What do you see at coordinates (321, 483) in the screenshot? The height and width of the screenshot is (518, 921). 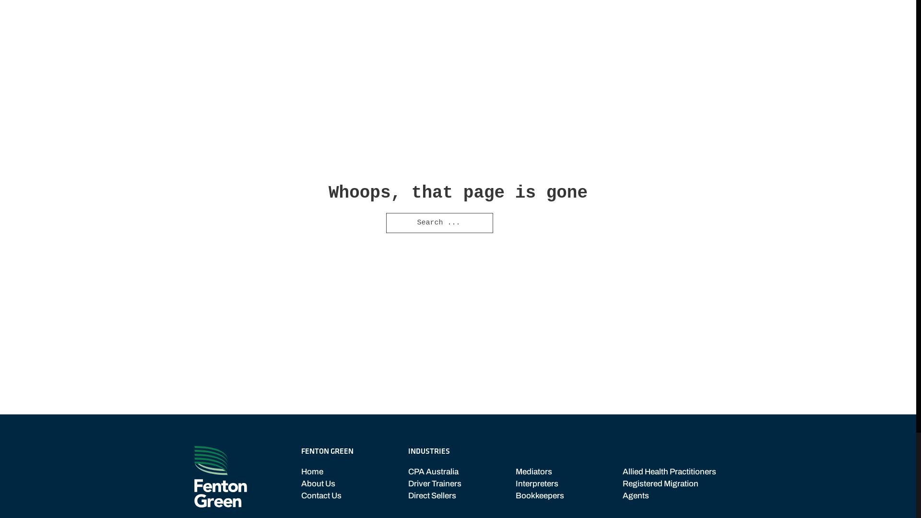 I see `'About Us'` at bounding box center [321, 483].